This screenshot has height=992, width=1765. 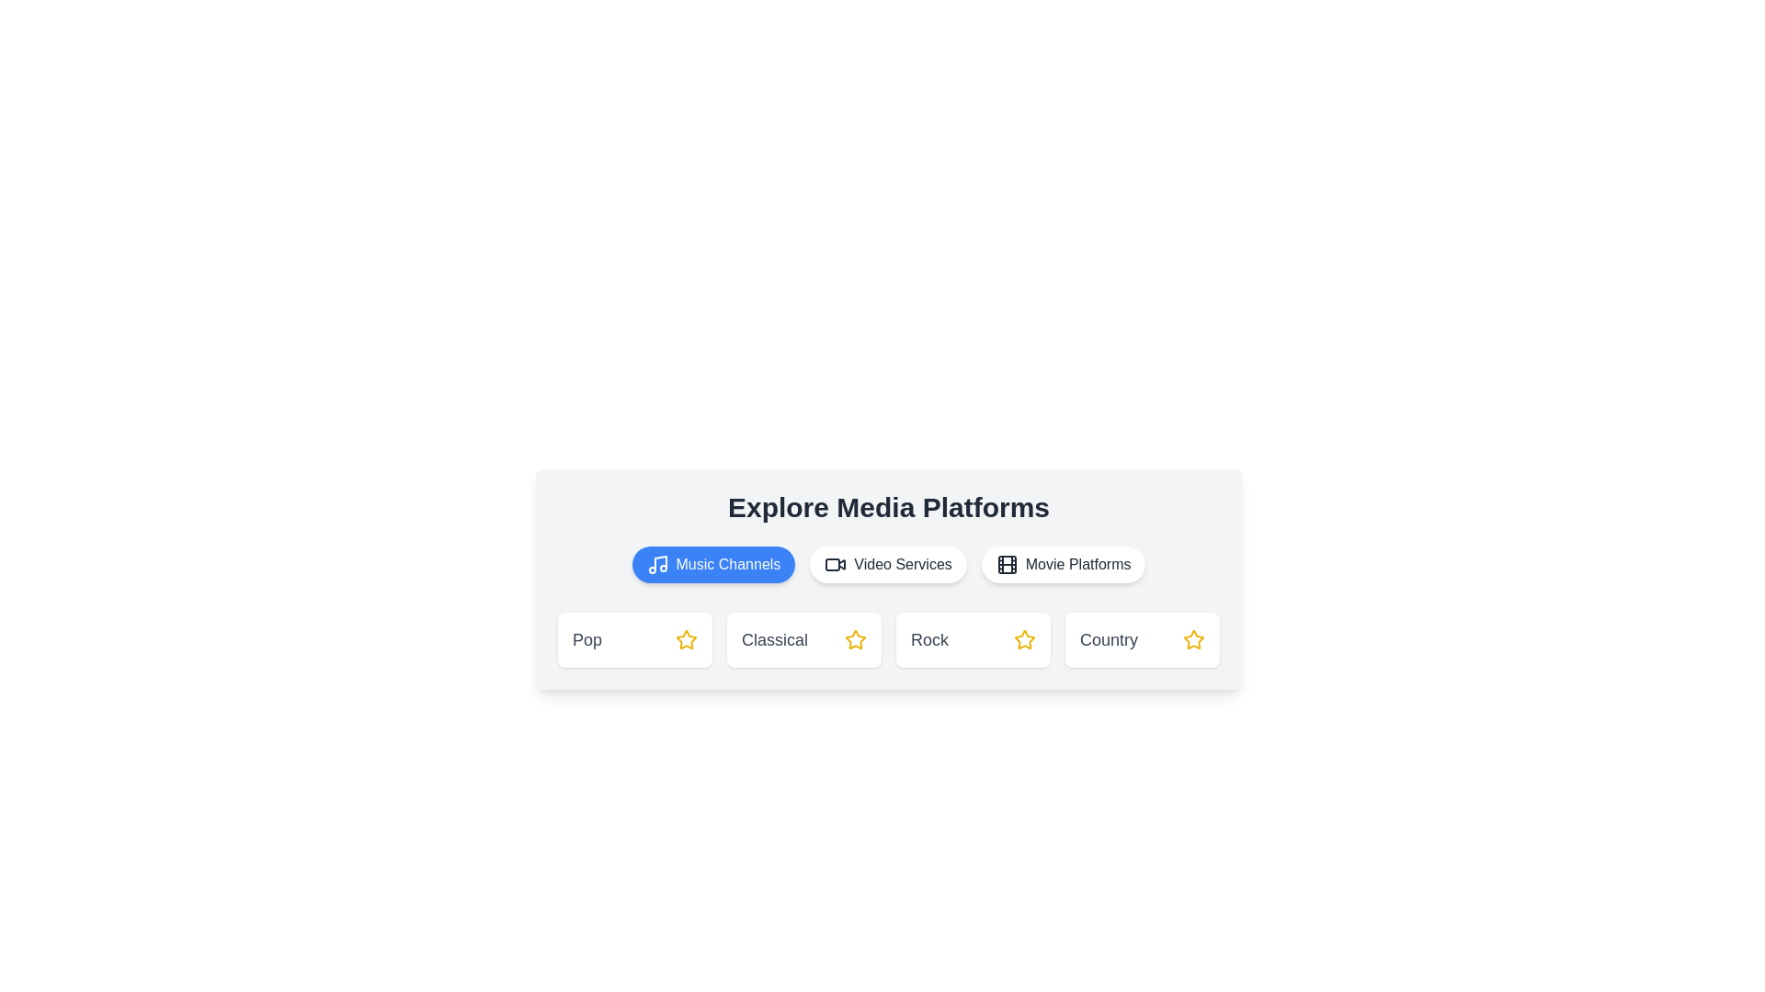 I want to click on the last item in the horizontal grid layout representing the 'Country' category card located in the bottom-right corner, so click(x=1142, y=639).